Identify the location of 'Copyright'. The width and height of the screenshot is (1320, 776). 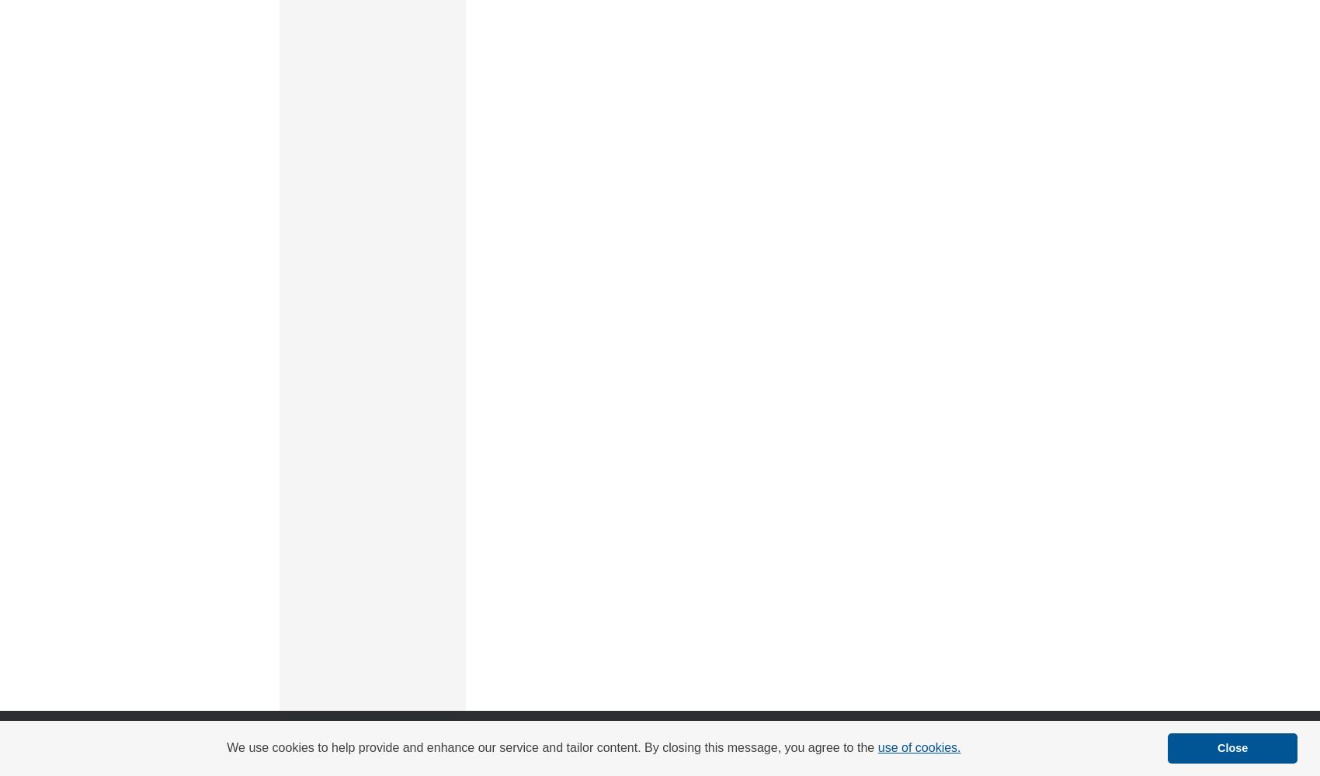
(546, 753).